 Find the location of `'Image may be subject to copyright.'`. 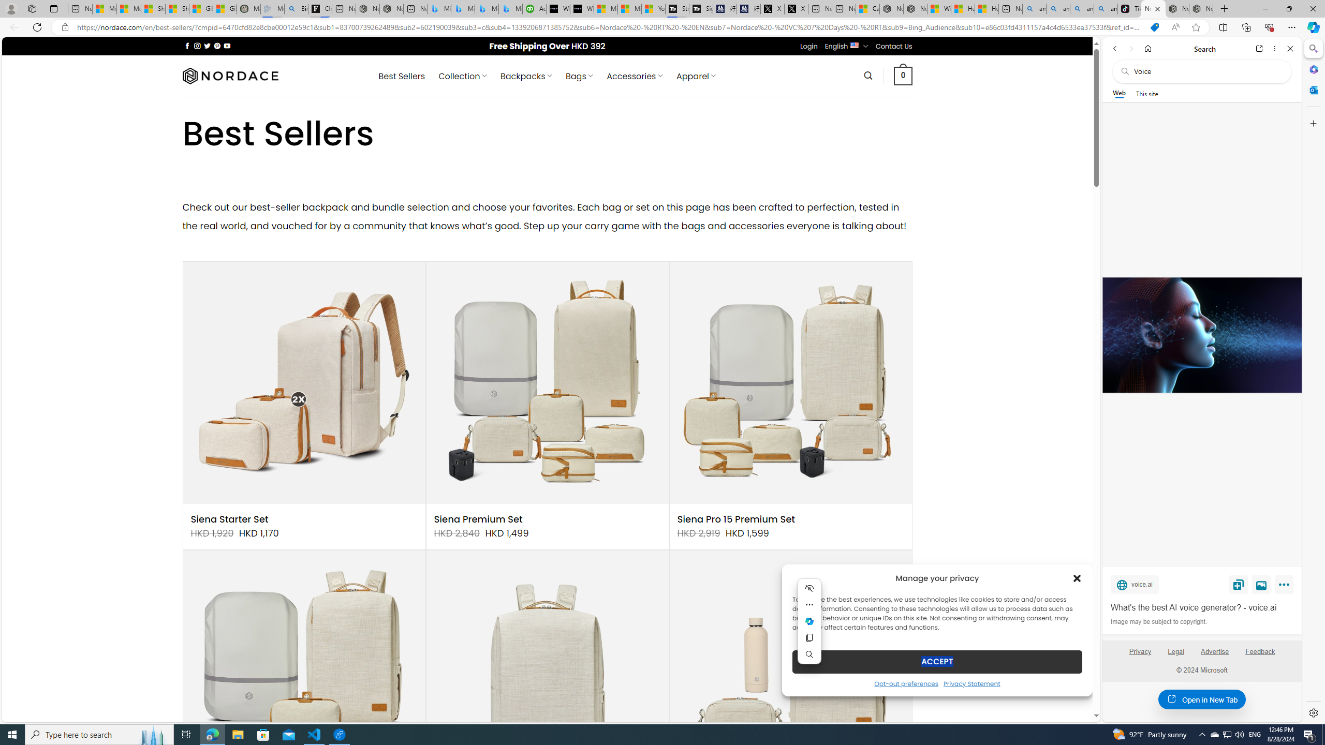

'Image may be subject to copyright.' is located at coordinates (1158, 621).